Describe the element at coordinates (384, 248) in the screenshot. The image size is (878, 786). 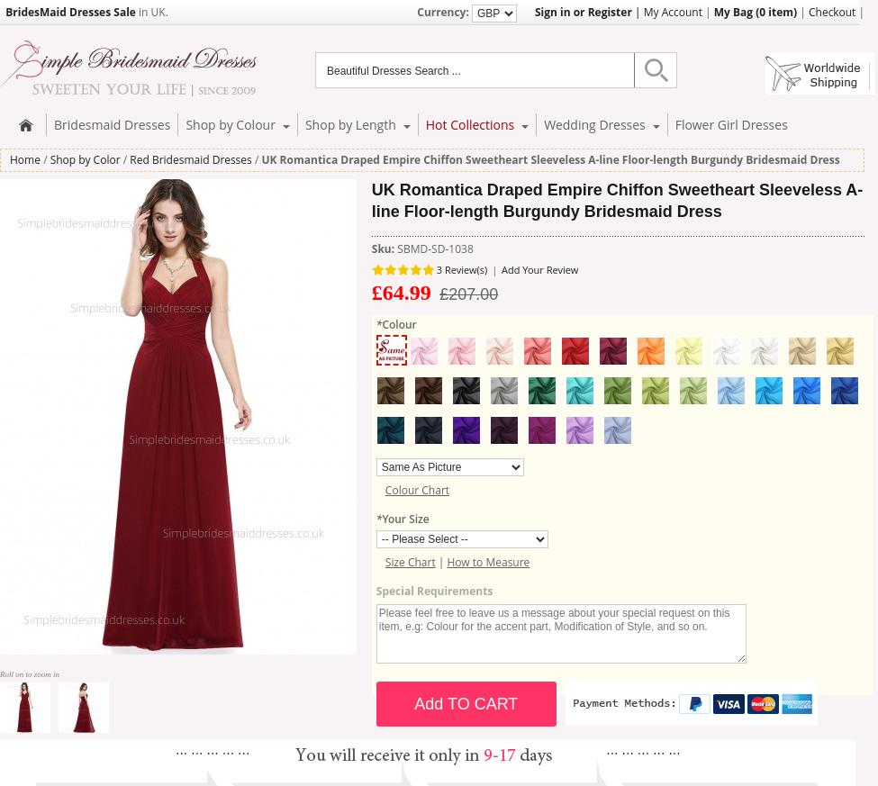
I see `'Sku:'` at that location.